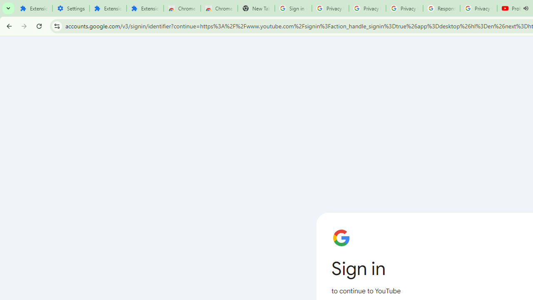 The image size is (533, 300). I want to click on 'Chrome Web Store - Themes', so click(219, 8).